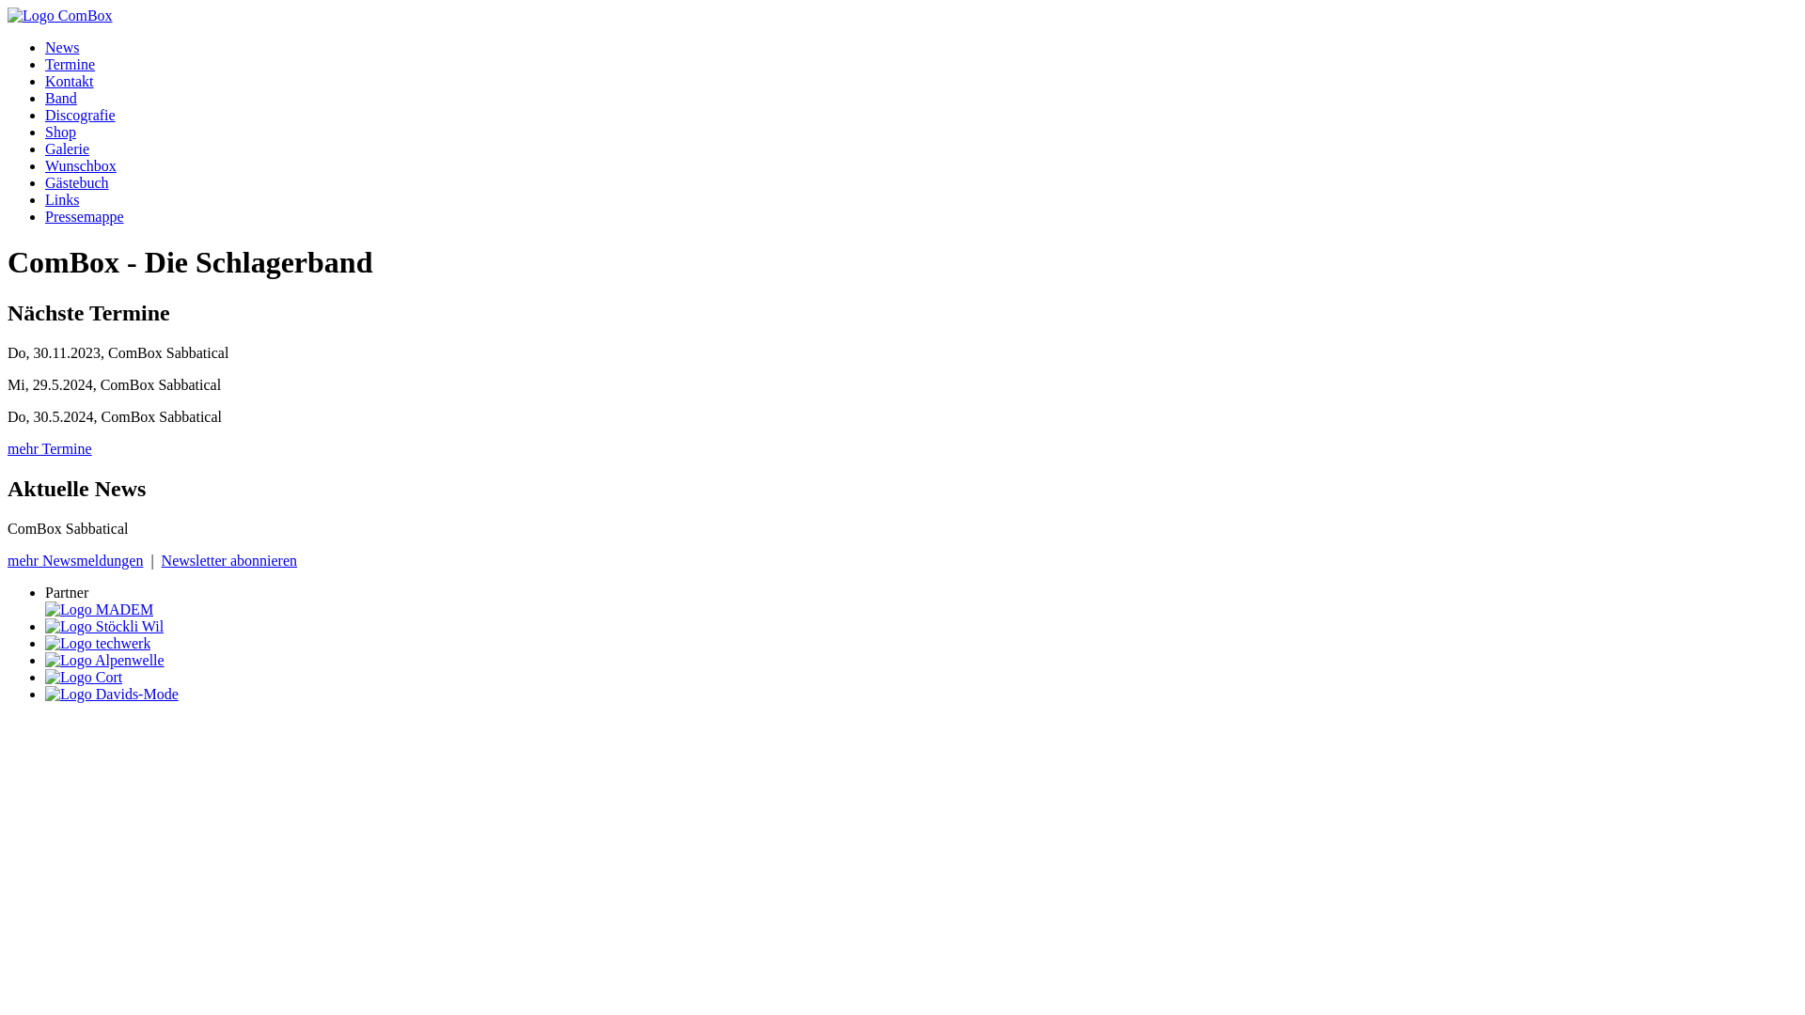  What do you see at coordinates (45, 199) in the screenshot?
I see `'Links'` at bounding box center [45, 199].